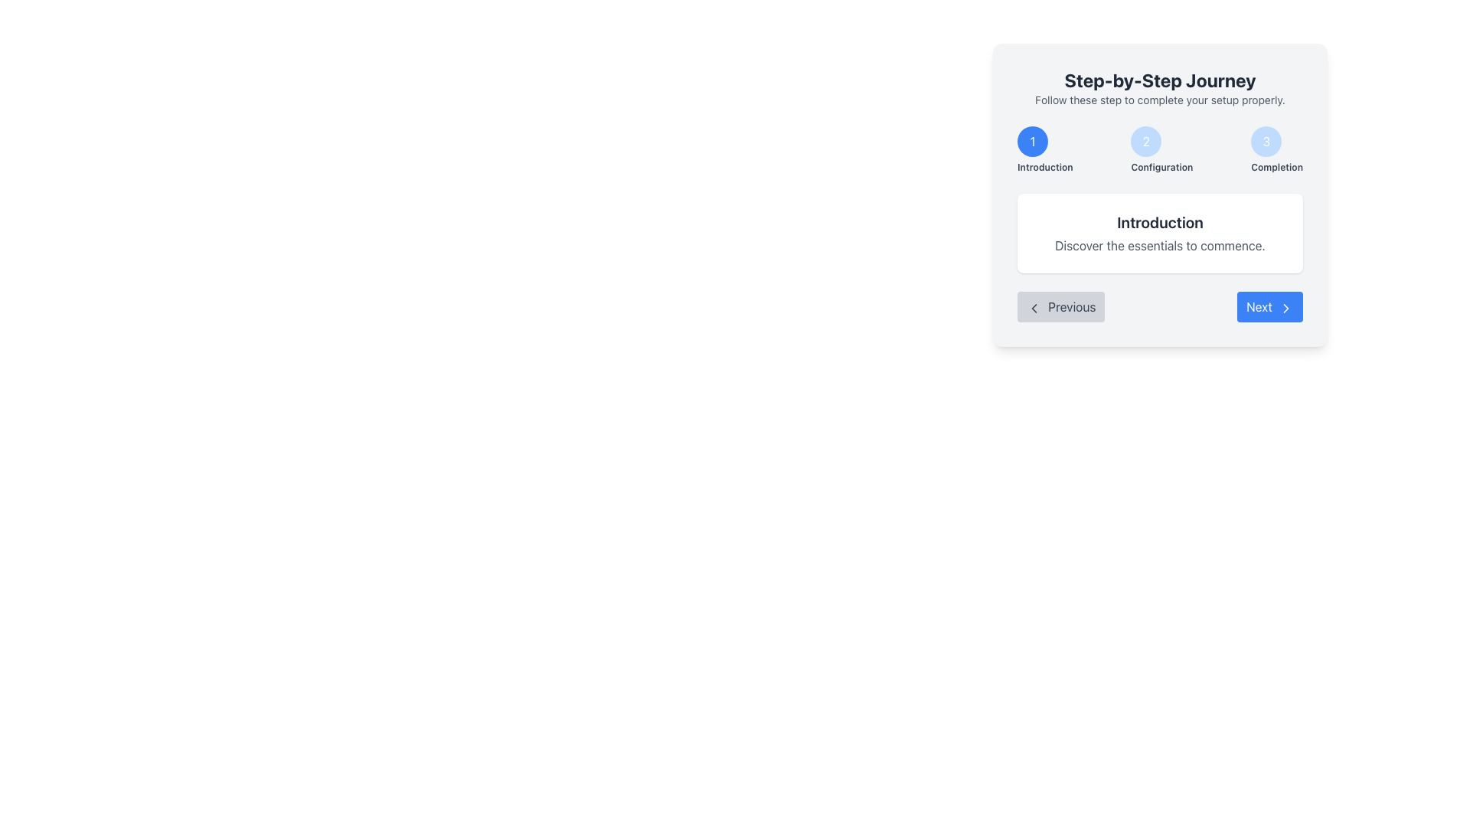 This screenshot has width=1470, height=827. I want to click on the leftward chevron-style arrow SVG icon located within the 'Previous' button of the step-by-step navigation card, so click(1034, 307).